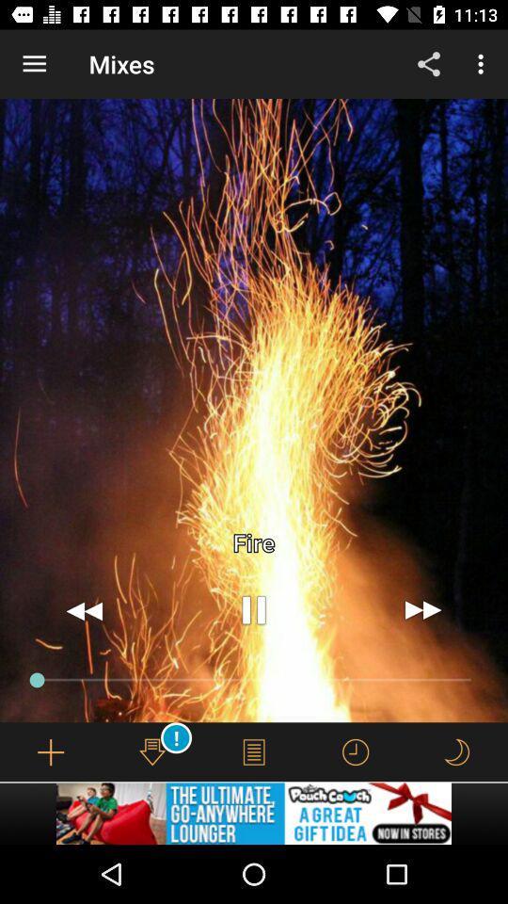 The height and width of the screenshot is (904, 508). Describe the element at coordinates (455, 751) in the screenshot. I see `set the sleep mode` at that location.